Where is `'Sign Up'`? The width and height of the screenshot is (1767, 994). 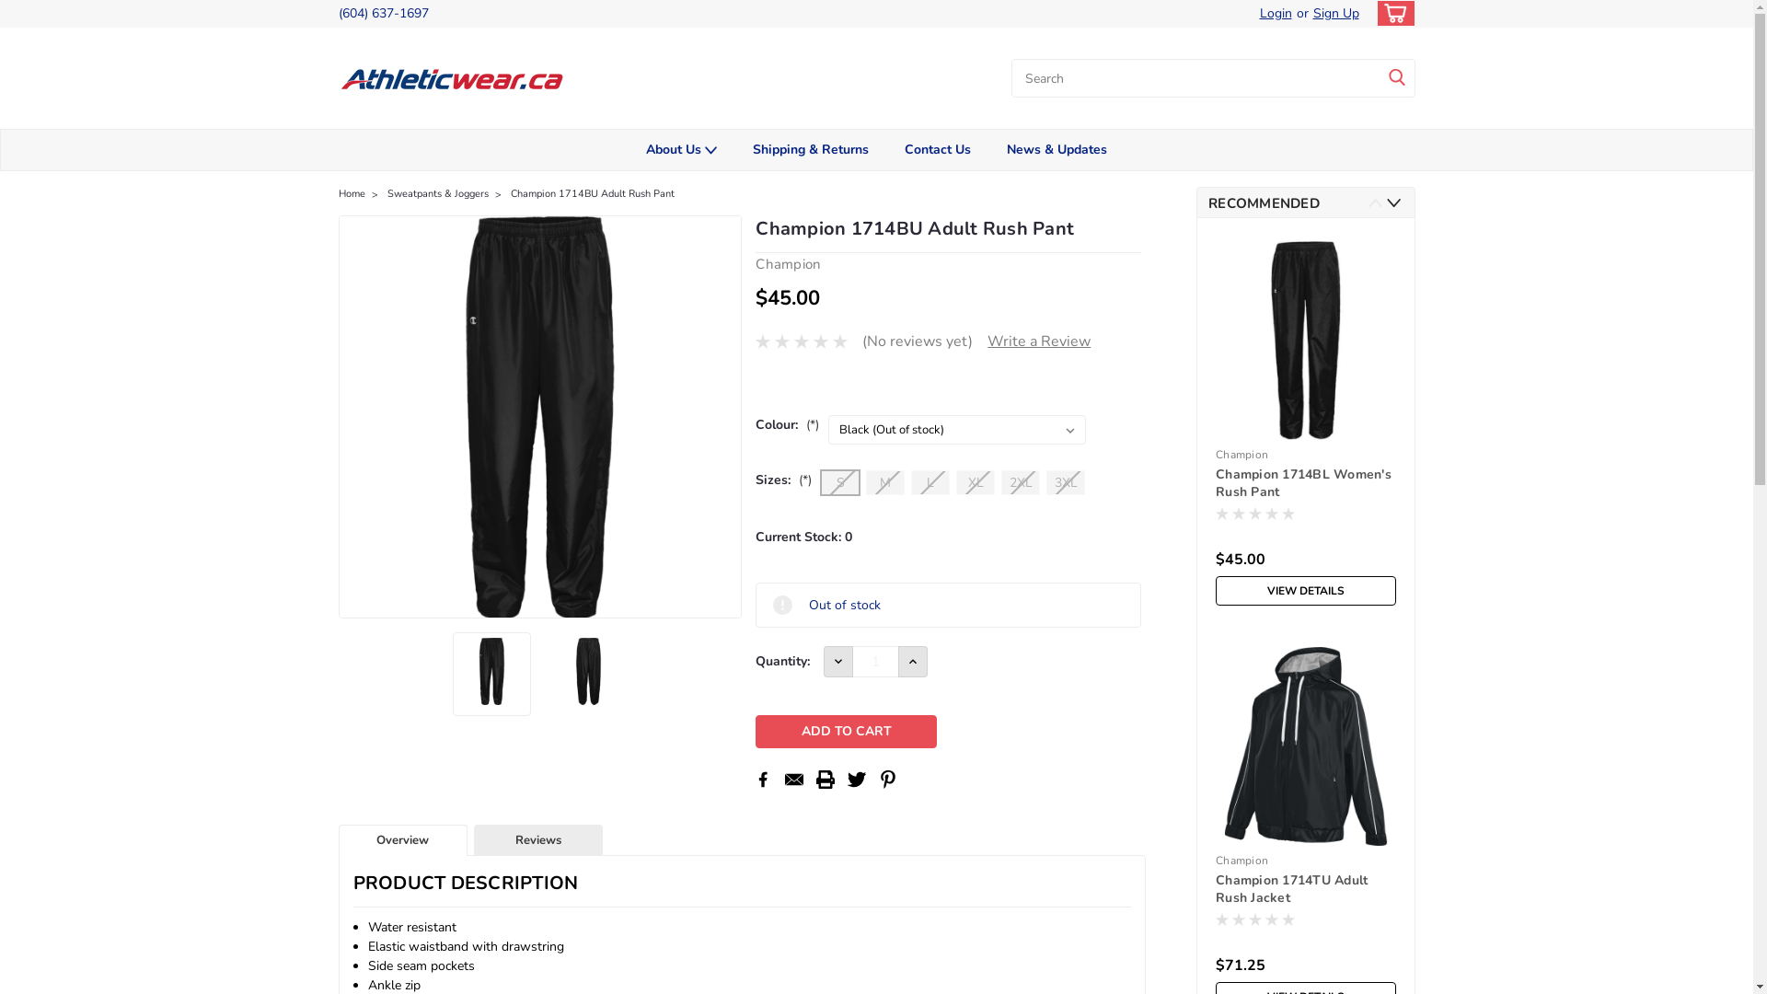 'Sign Up' is located at coordinates (1334, 14).